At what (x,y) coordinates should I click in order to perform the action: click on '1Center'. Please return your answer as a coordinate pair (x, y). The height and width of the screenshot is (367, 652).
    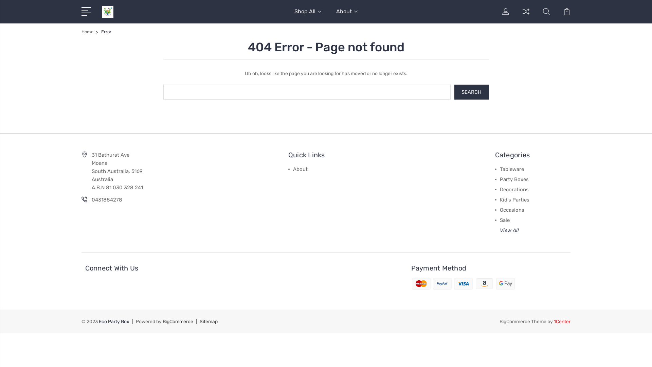
    Looking at the image, I should click on (562, 321).